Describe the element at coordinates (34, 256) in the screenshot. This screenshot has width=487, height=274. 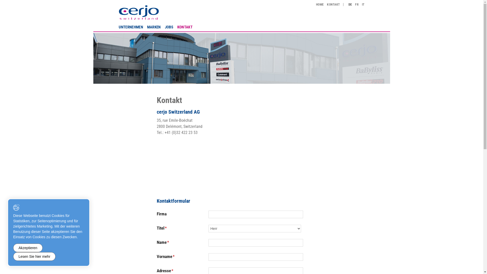
I see `'Lesen Sie hier mehr'` at that location.